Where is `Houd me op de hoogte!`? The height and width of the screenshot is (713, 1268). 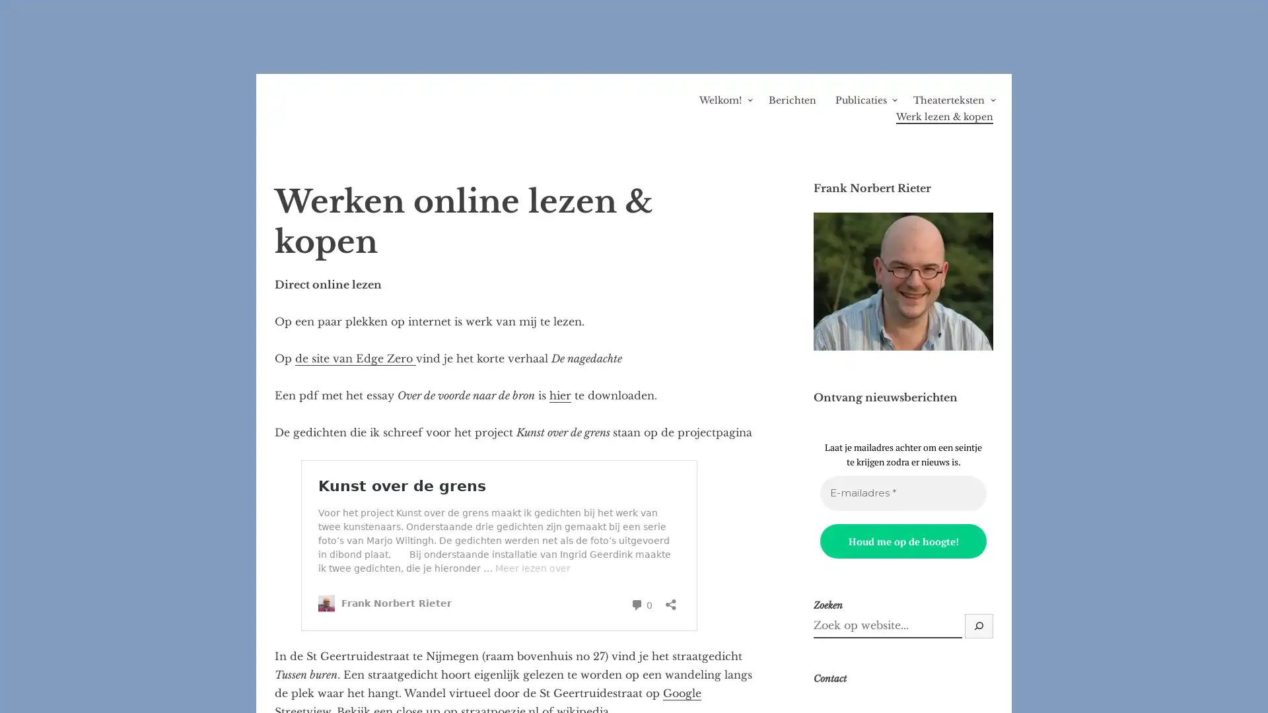
Houd me op de hoogte! is located at coordinates (903, 541).